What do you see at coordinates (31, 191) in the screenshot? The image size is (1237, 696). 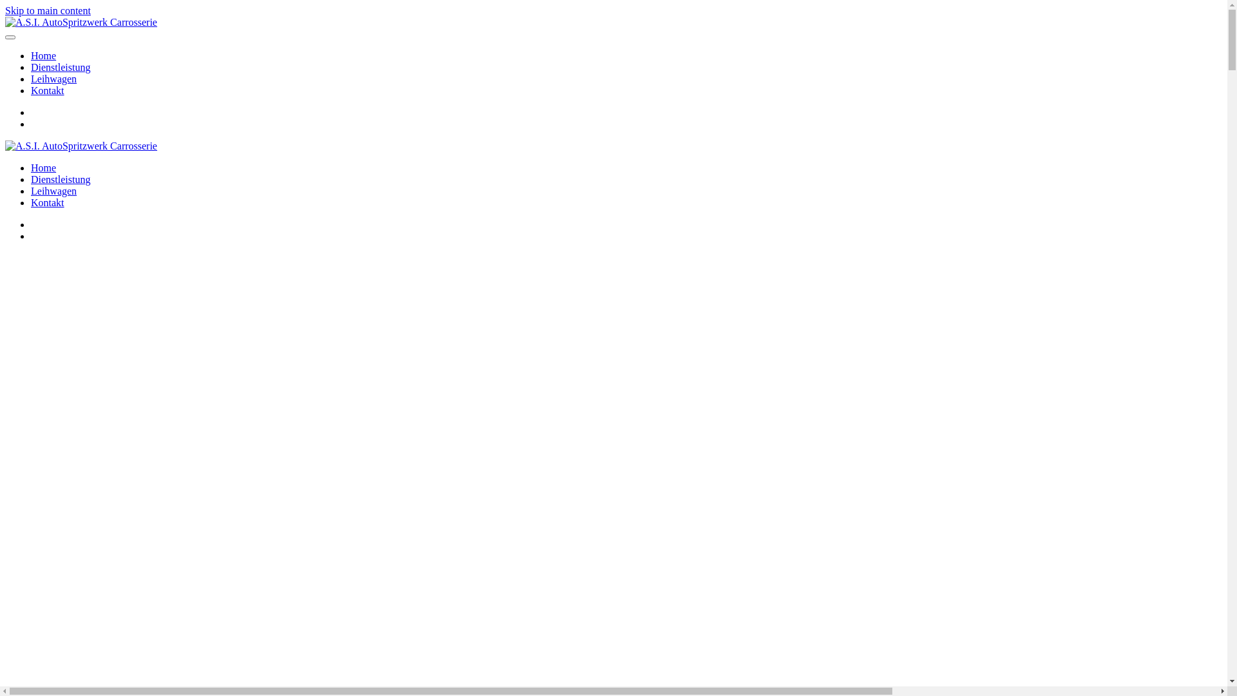 I see `'Leihwagen'` at bounding box center [31, 191].